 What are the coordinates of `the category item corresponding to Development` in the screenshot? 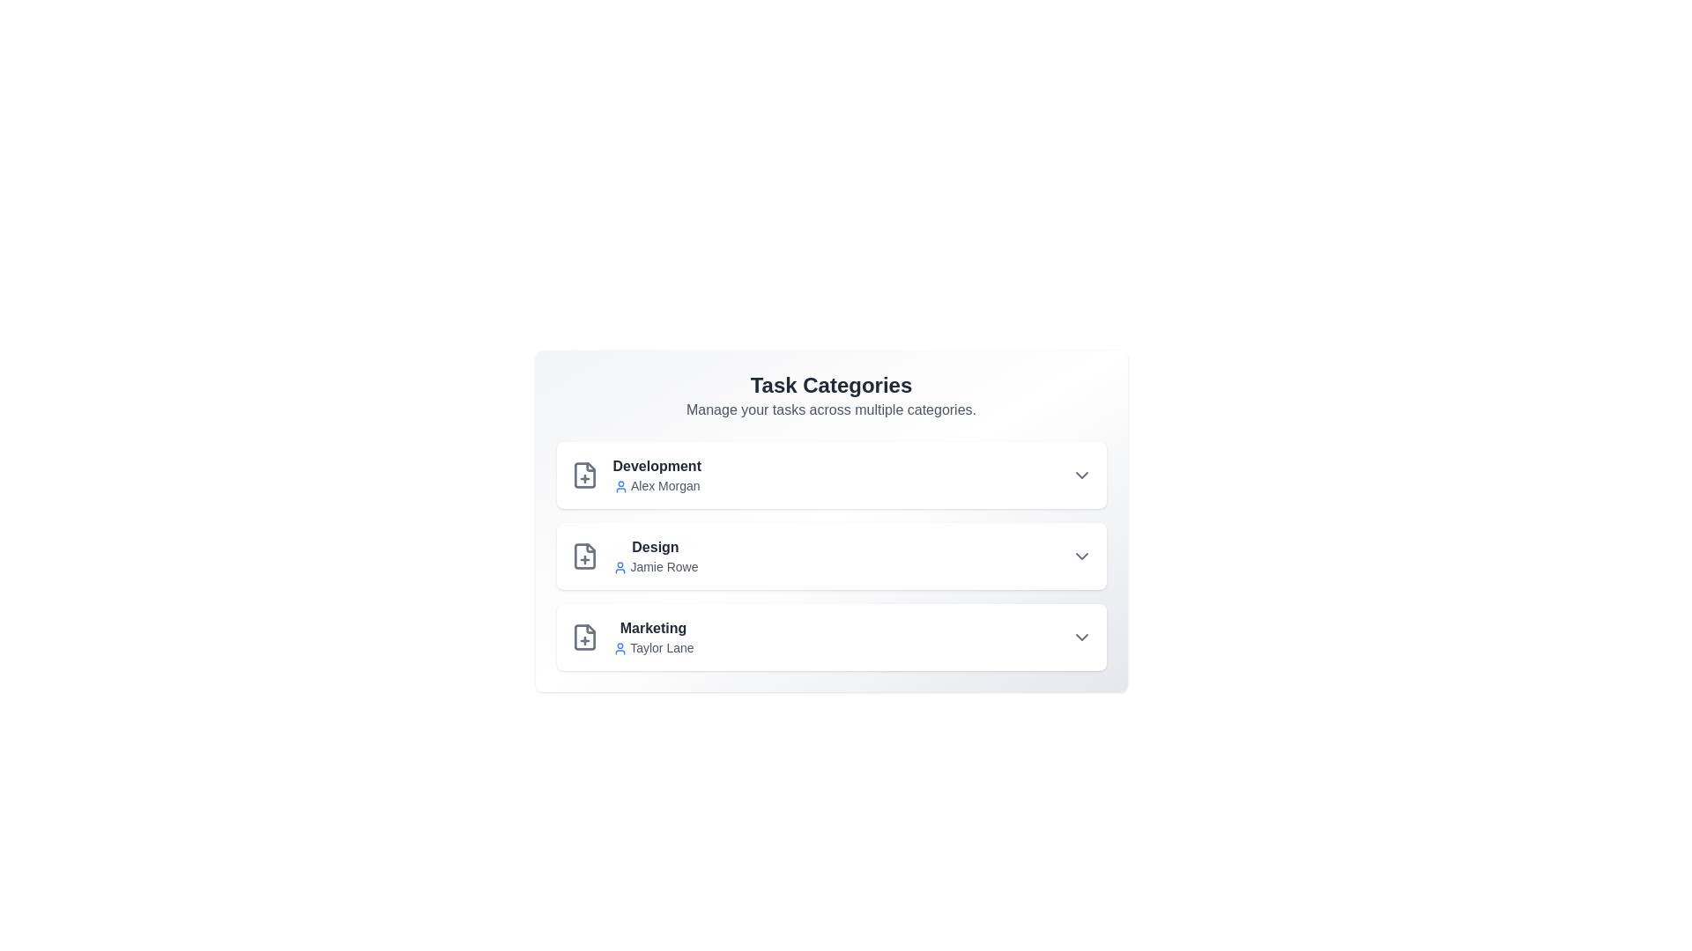 It's located at (830, 475).